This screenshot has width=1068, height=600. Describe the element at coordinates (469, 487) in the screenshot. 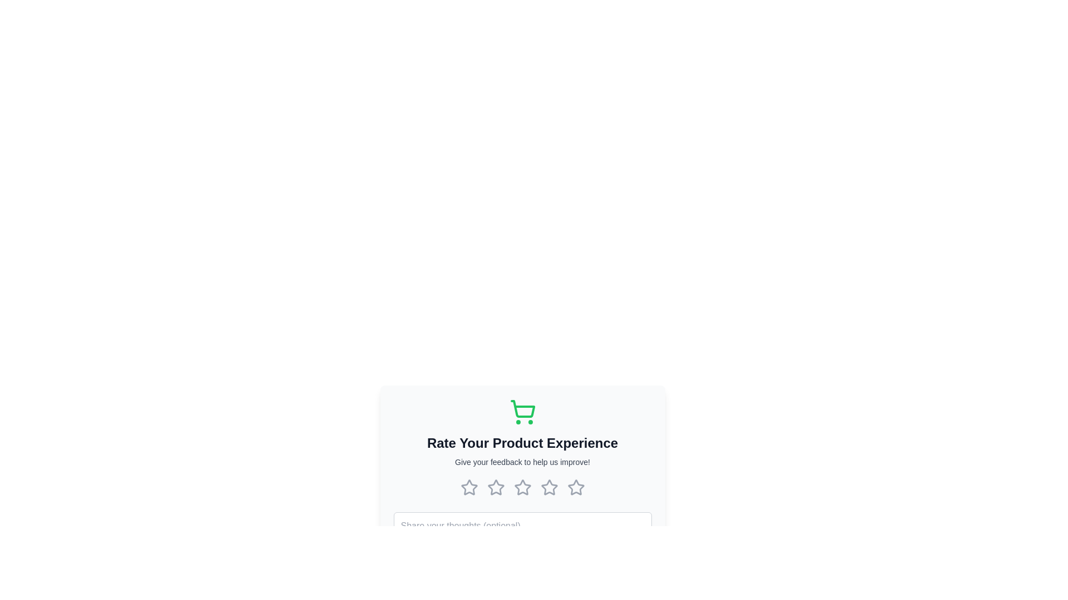

I see `the first Rating Star Icon, which is centrally located near the top of a feedback form interface` at that location.